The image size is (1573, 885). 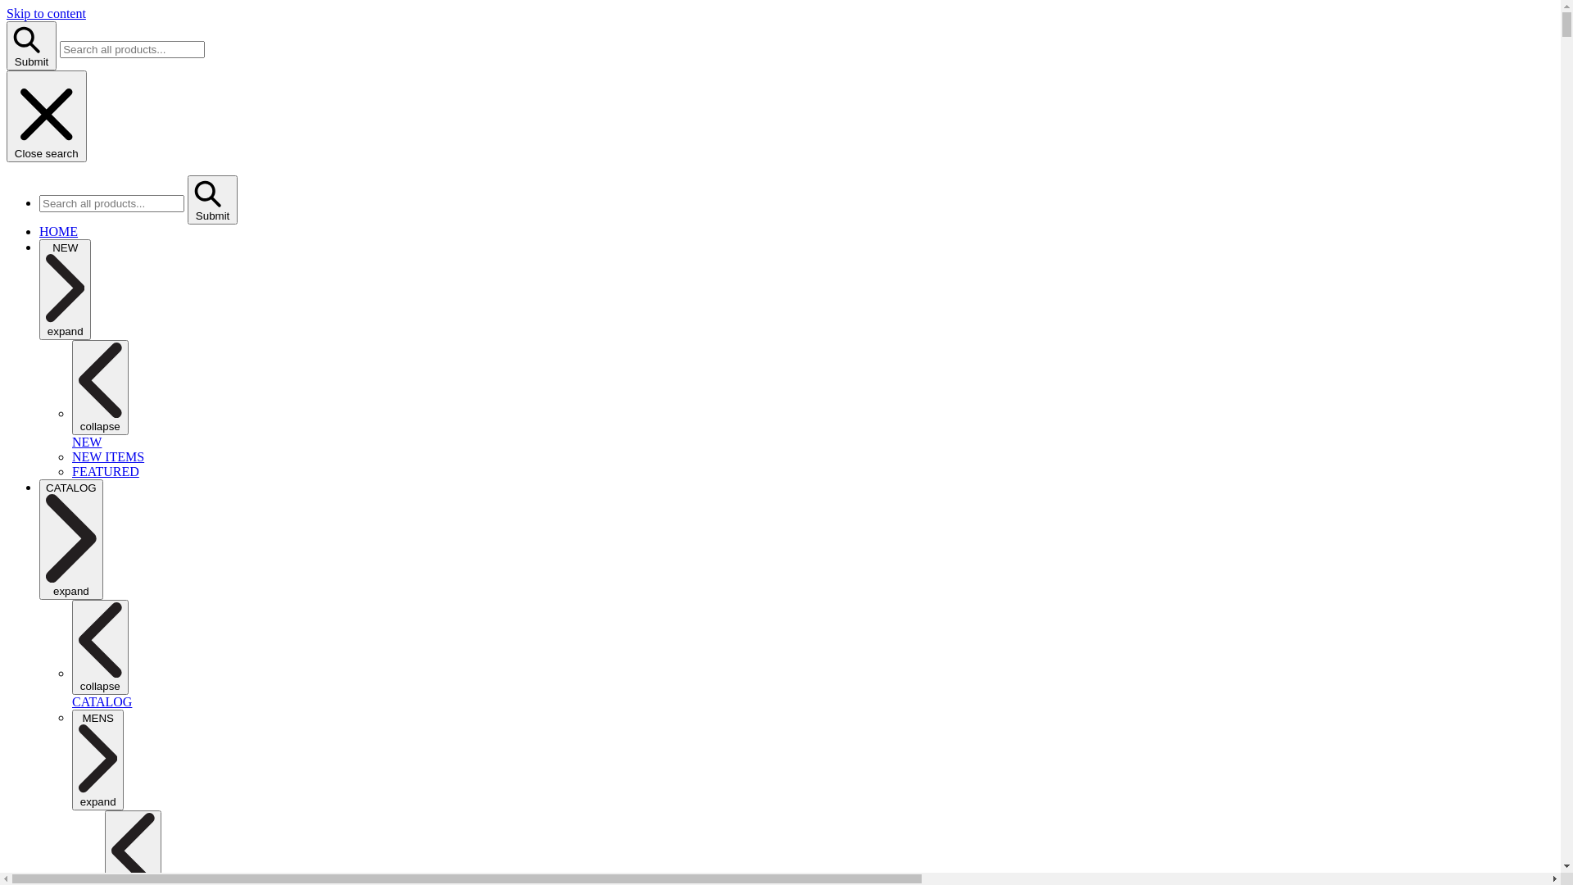 What do you see at coordinates (105, 471) in the screenshot?
I see `'FEATURED'` at bounding box center [105, 471].